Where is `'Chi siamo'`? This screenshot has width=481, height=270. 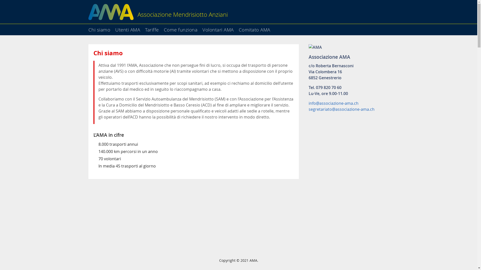
'Chi siamo' is located at coordinates (101, 28).